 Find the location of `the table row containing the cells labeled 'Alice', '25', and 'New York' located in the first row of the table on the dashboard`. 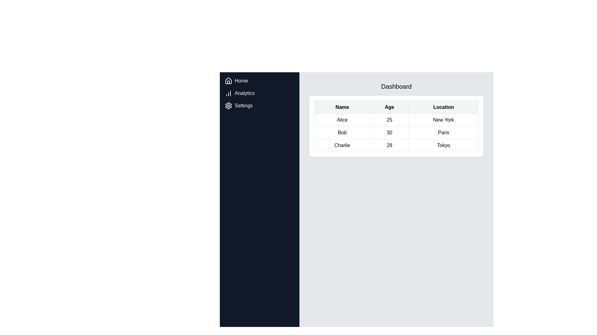

the table row containing the cells labeled 'Alice', '25', and 'New York' located in the first row of the table on the dashboard is located at coordinates (396, 120).